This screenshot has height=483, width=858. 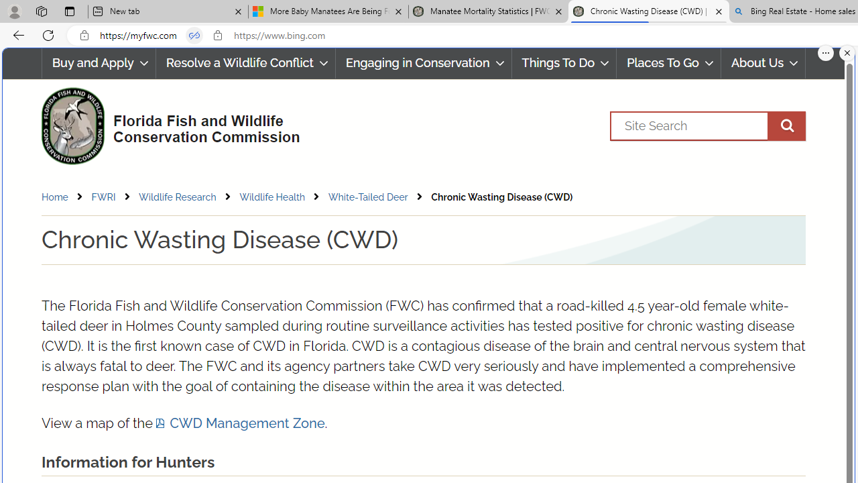 I want to click on 'Close split screen.', so click(x=847, y=52).